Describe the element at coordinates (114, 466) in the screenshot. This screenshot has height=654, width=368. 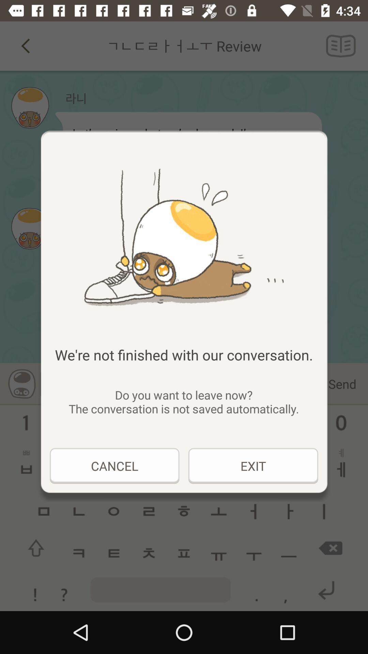
I see `item to the left of exit` at that location.